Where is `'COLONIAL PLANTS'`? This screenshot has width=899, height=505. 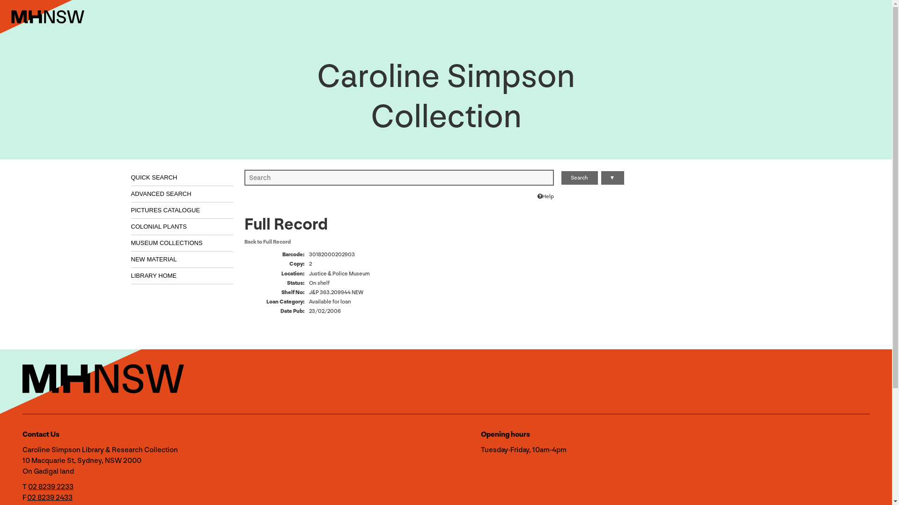 'COLONIAL PLANTS' is located at coordinates (130, 227).